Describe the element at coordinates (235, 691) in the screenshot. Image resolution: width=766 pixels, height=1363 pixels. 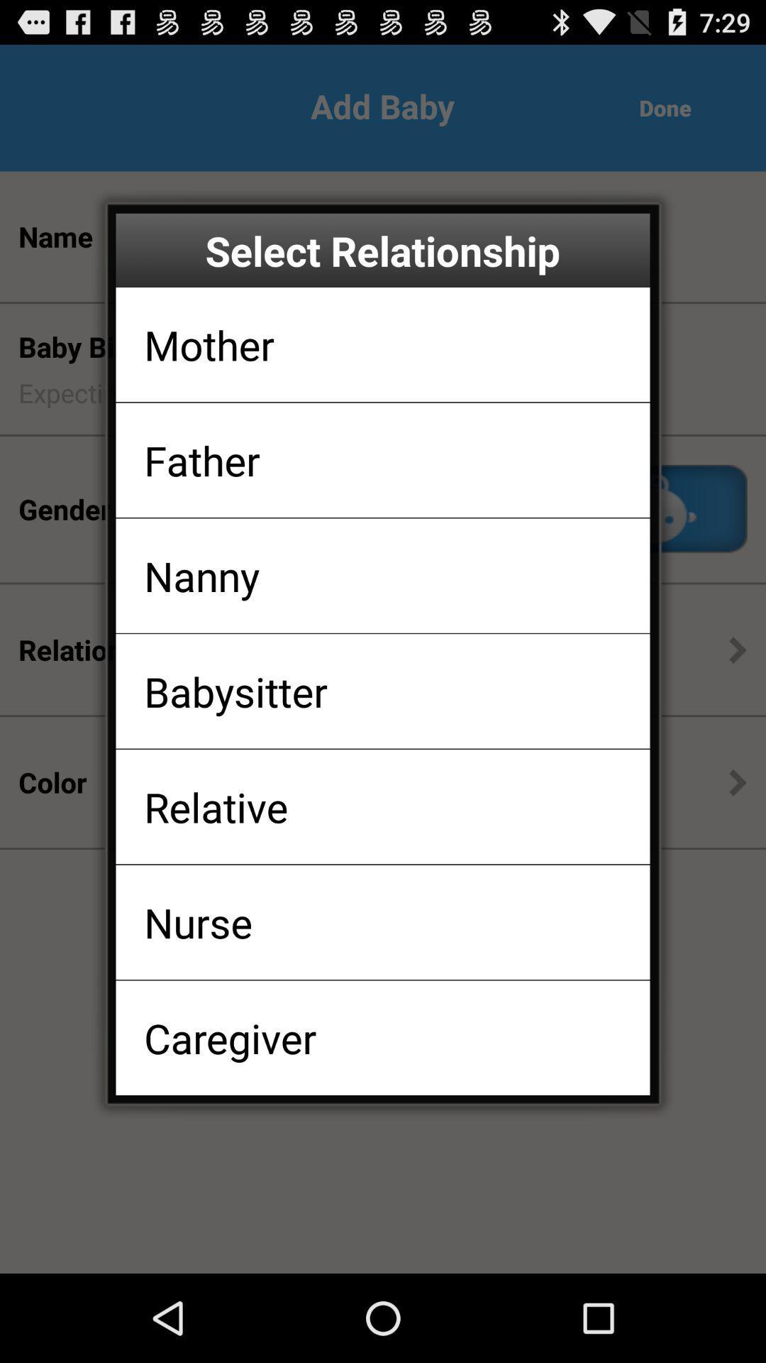
I see `the babysitter app` at that location.